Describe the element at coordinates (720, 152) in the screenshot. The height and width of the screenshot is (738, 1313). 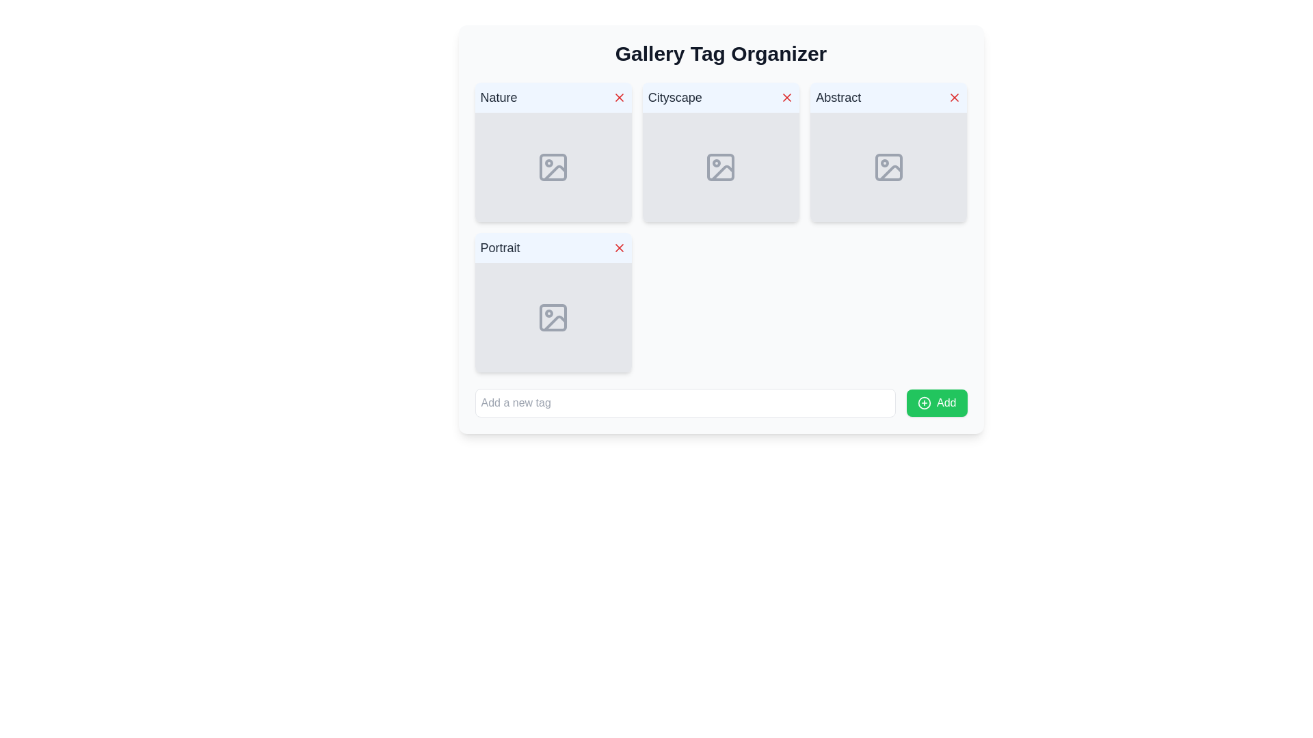
I see `the 'Cityscape' Card component in the grid layout` at that location.